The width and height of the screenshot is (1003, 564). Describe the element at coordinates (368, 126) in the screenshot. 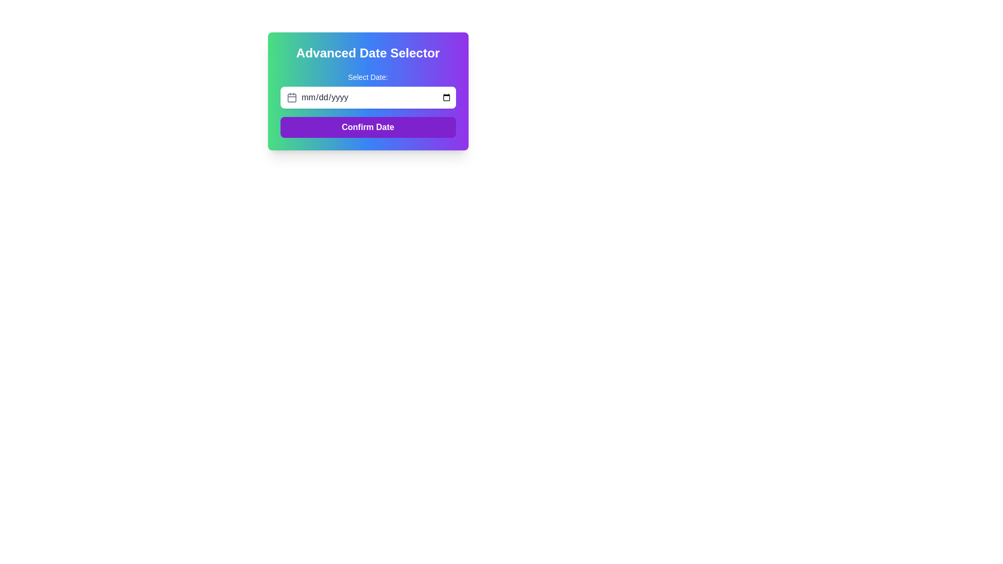

I see `keyboard navigation` at that location.